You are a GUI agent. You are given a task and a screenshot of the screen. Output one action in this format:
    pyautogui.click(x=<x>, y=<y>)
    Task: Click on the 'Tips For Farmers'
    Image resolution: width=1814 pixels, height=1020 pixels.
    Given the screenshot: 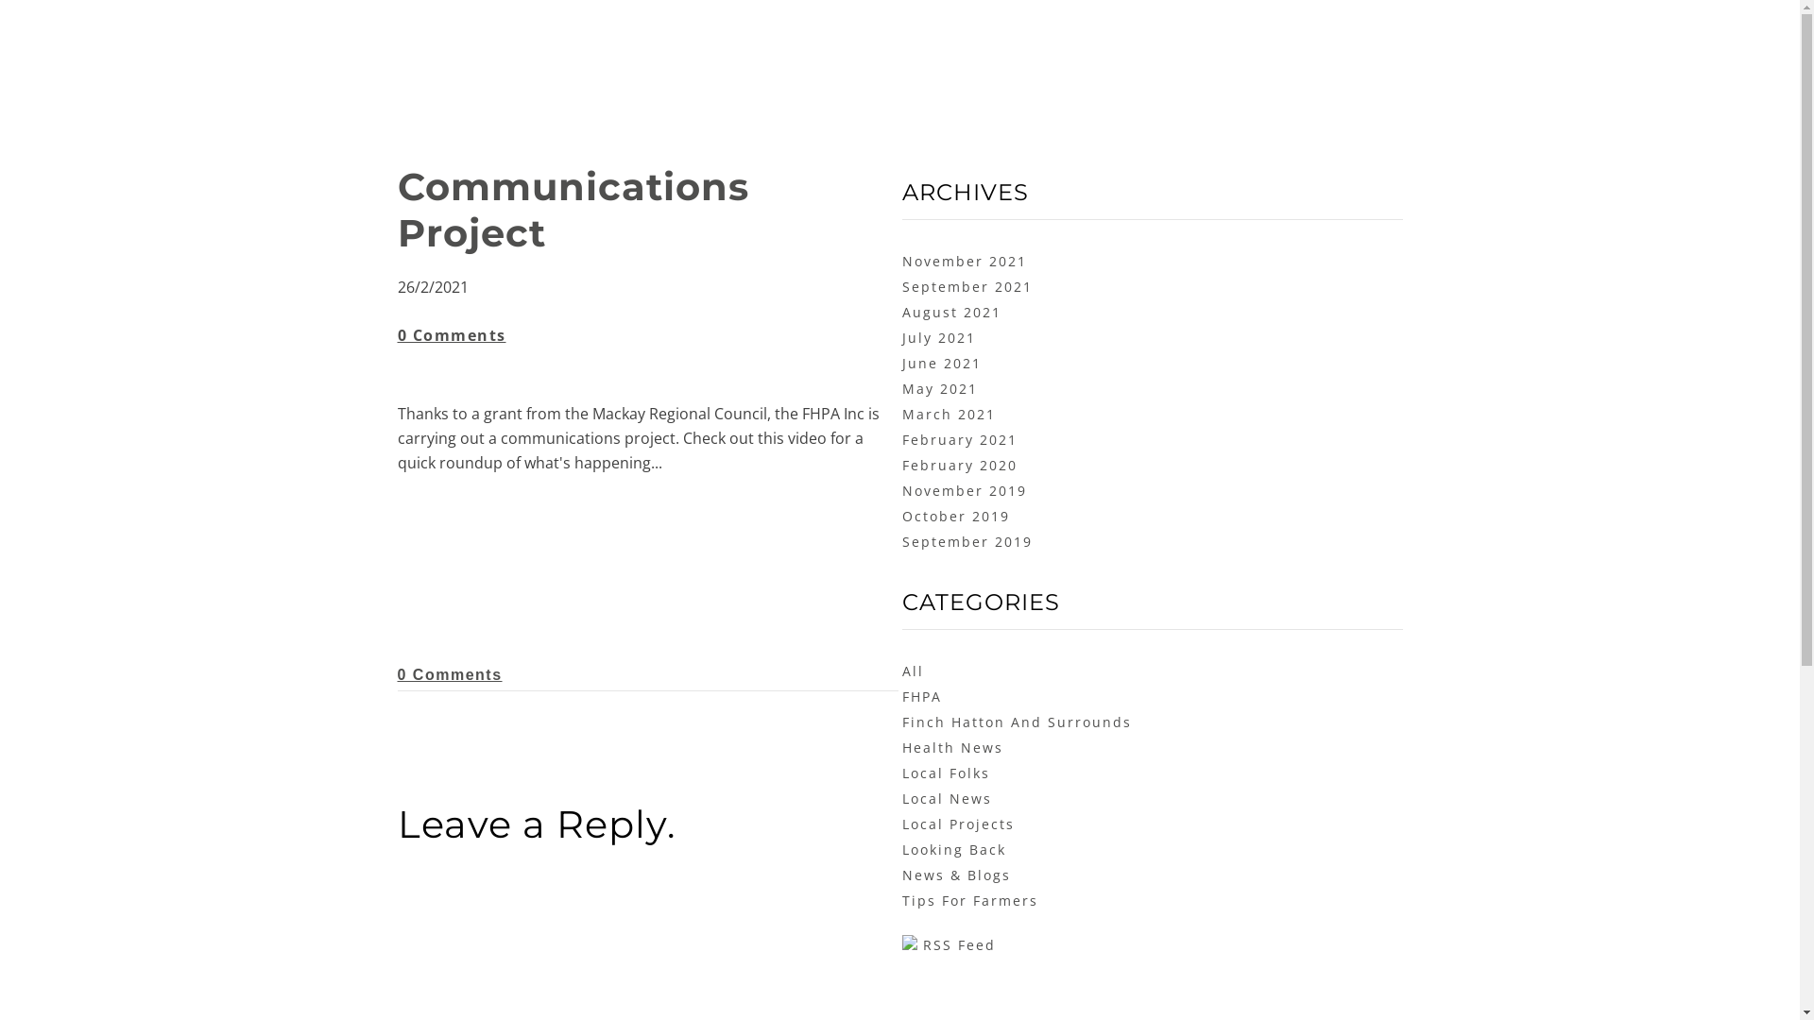 What is the action you would take?
    pyautogui.click(x=969, y=899)
    